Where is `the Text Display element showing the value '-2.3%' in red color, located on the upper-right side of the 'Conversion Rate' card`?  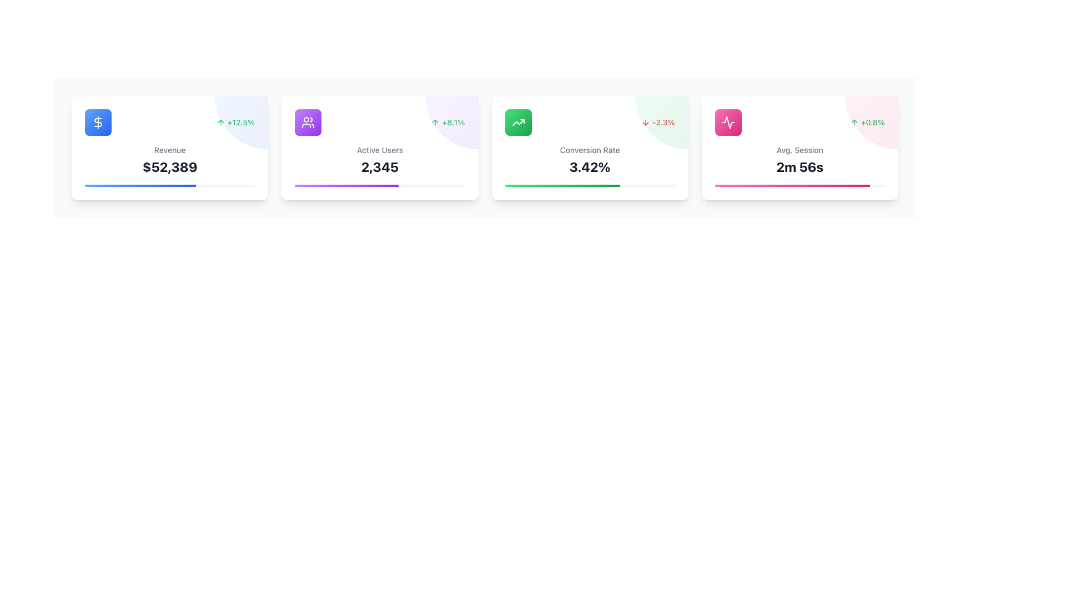 the Text Display element showing the value '-2.3%' in red color, located on the upper-right side of the 'Conversion Rate' card is located at coordinates (663, 122).